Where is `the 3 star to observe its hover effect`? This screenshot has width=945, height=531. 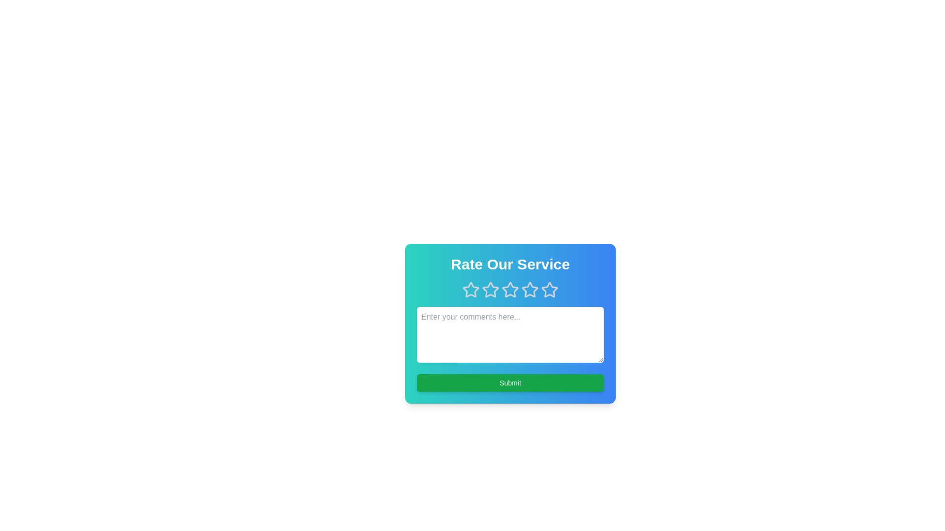
the 3 star to observe its hover effect is located at coordinates (510, 290).